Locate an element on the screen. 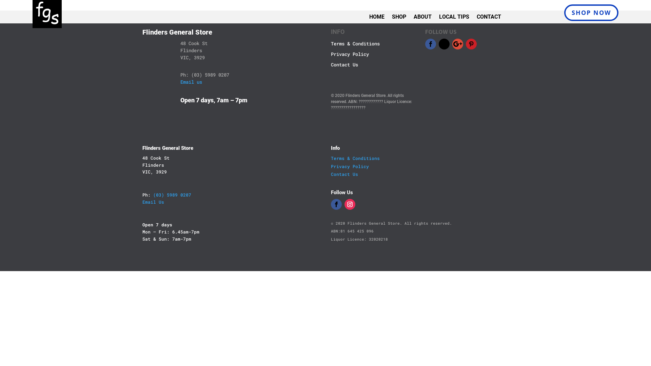 This screenshot has height=366, width=651. 'ABOUT' is located at coordinates (422, 18).